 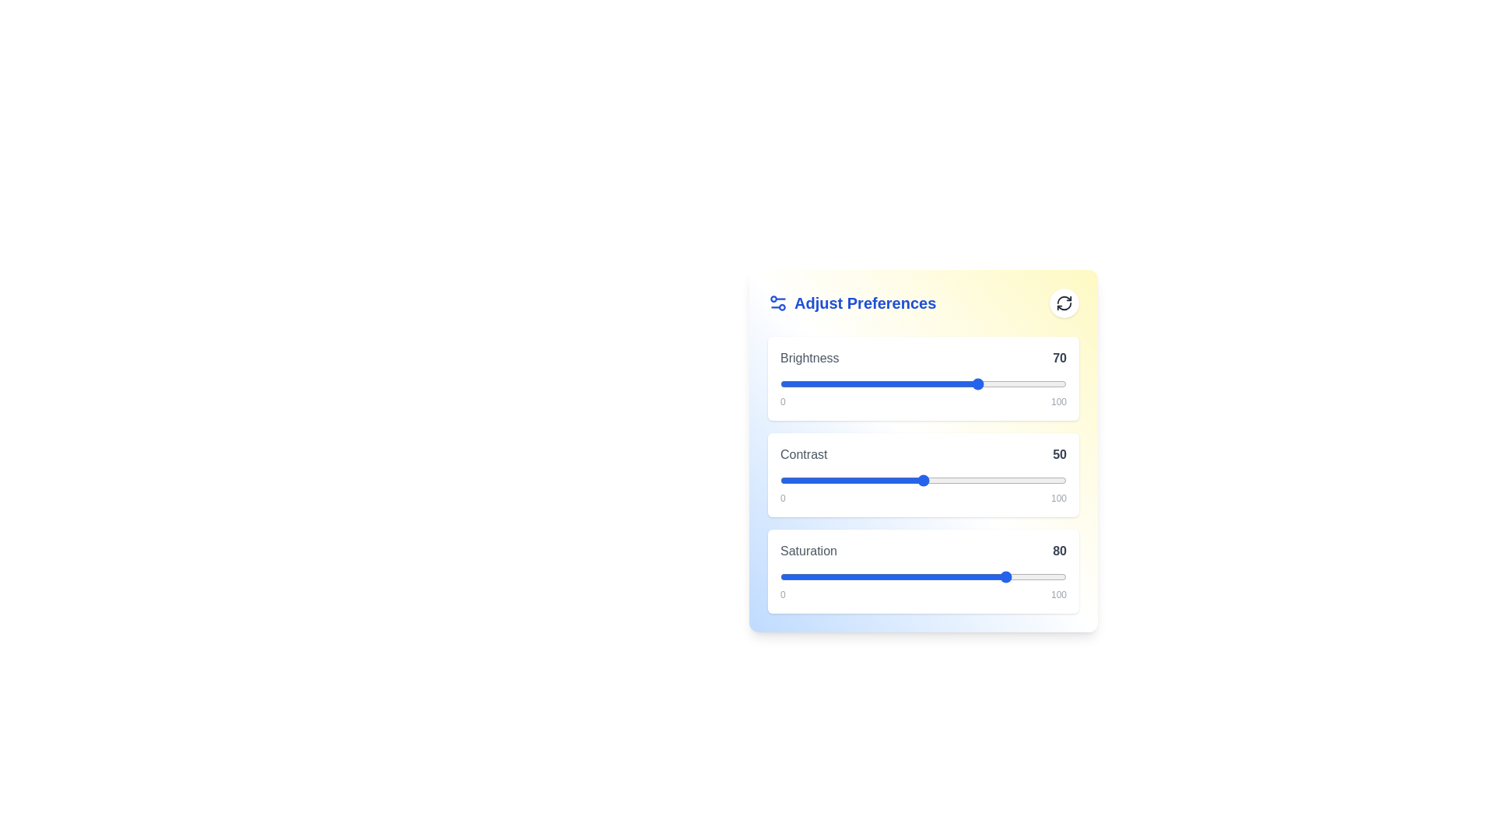 I want to click on saturation level, so click(x=909, y=576).